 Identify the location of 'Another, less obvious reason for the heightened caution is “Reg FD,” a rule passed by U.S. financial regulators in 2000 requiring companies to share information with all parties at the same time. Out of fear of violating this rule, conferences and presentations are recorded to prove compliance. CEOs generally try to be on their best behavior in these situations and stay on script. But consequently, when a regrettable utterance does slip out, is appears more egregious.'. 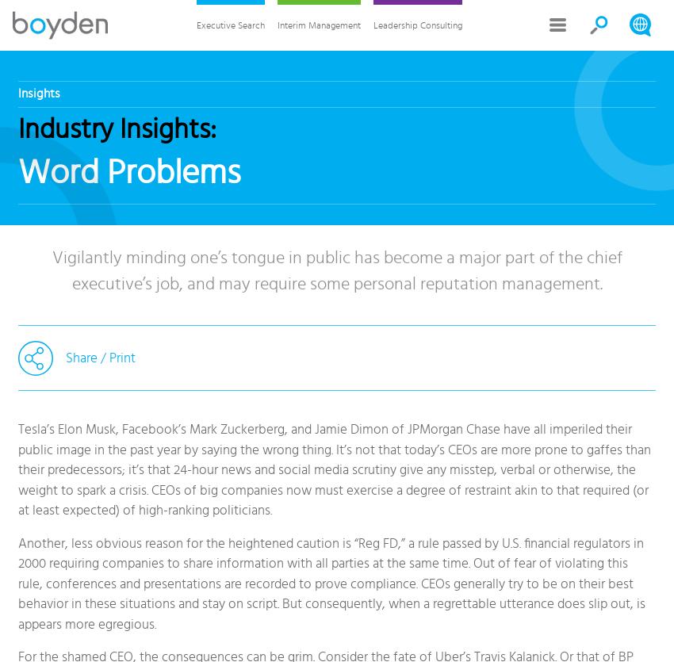
(331, 583).